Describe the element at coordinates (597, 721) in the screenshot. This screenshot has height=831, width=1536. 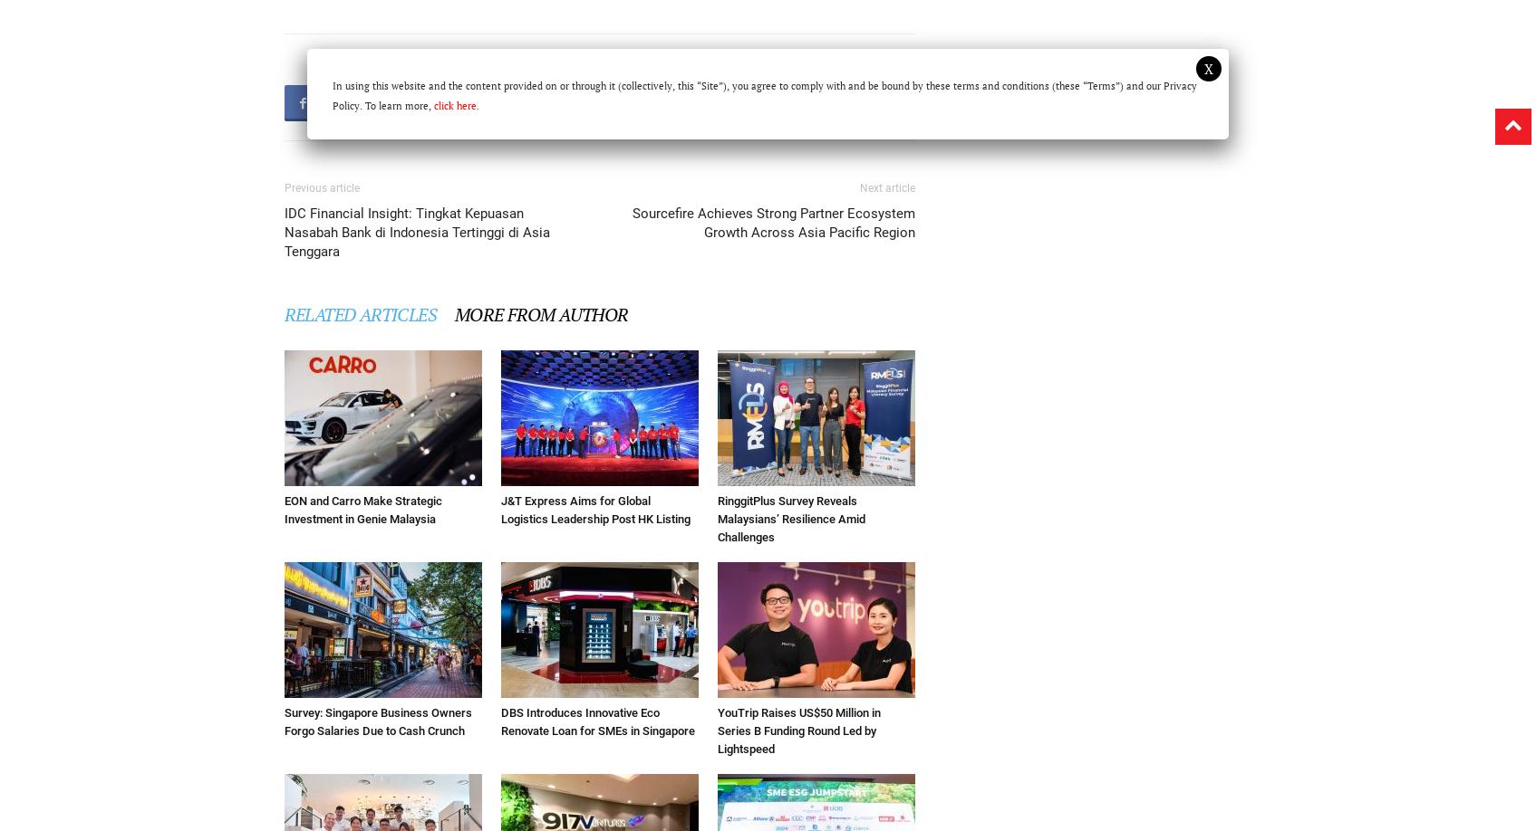
I see `'DBS Introduces Innovative Eco Renovate Loan for SMEs in Singapore'` at that location.